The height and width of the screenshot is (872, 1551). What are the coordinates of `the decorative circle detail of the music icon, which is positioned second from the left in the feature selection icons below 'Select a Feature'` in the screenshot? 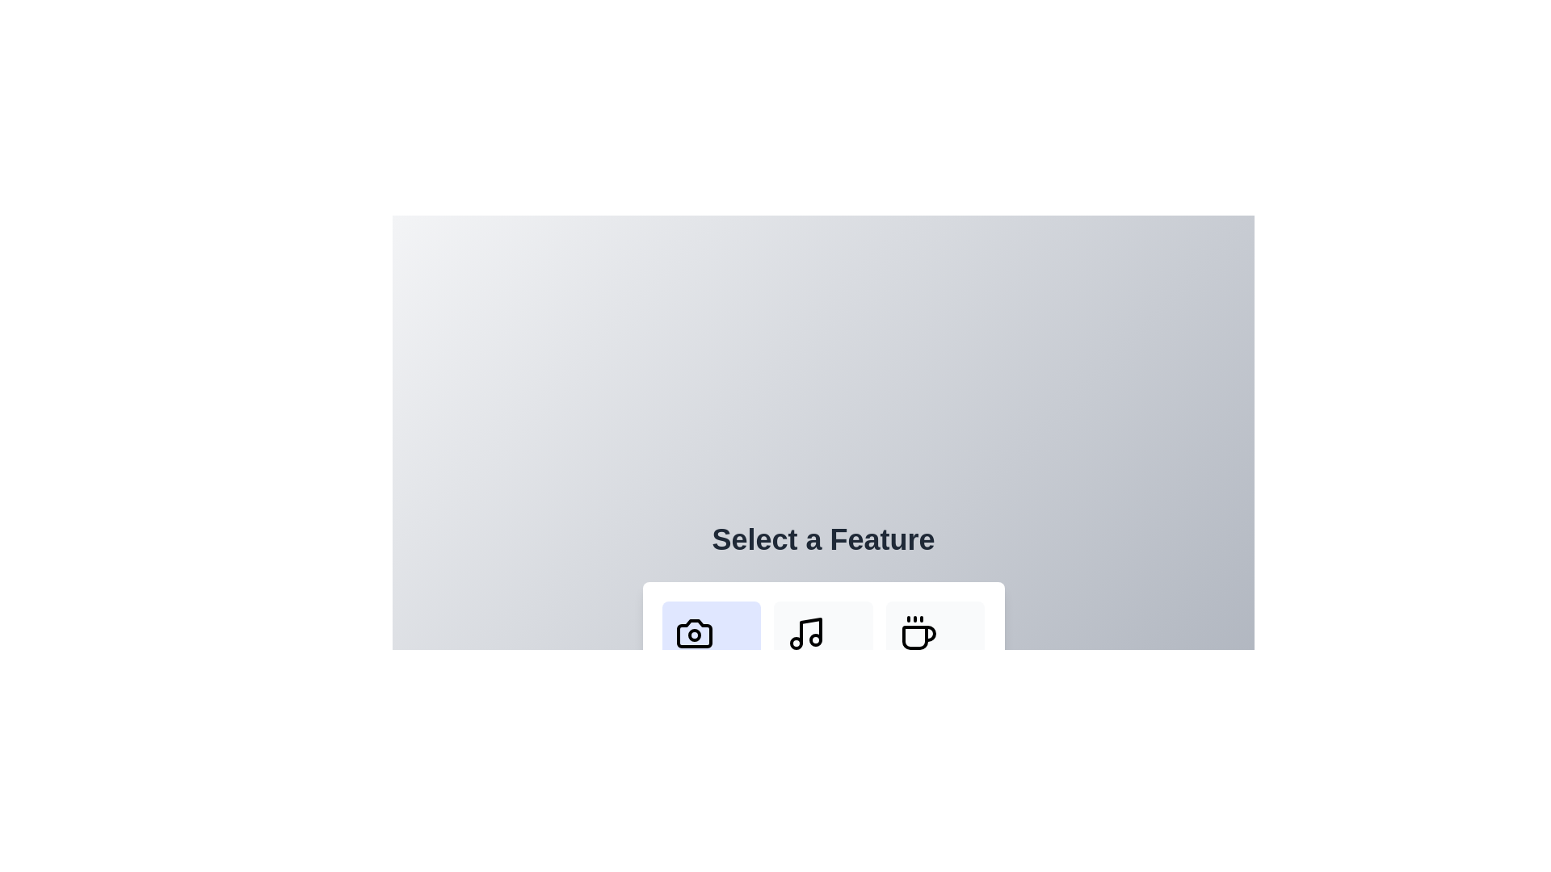 It's located at (816, 639).